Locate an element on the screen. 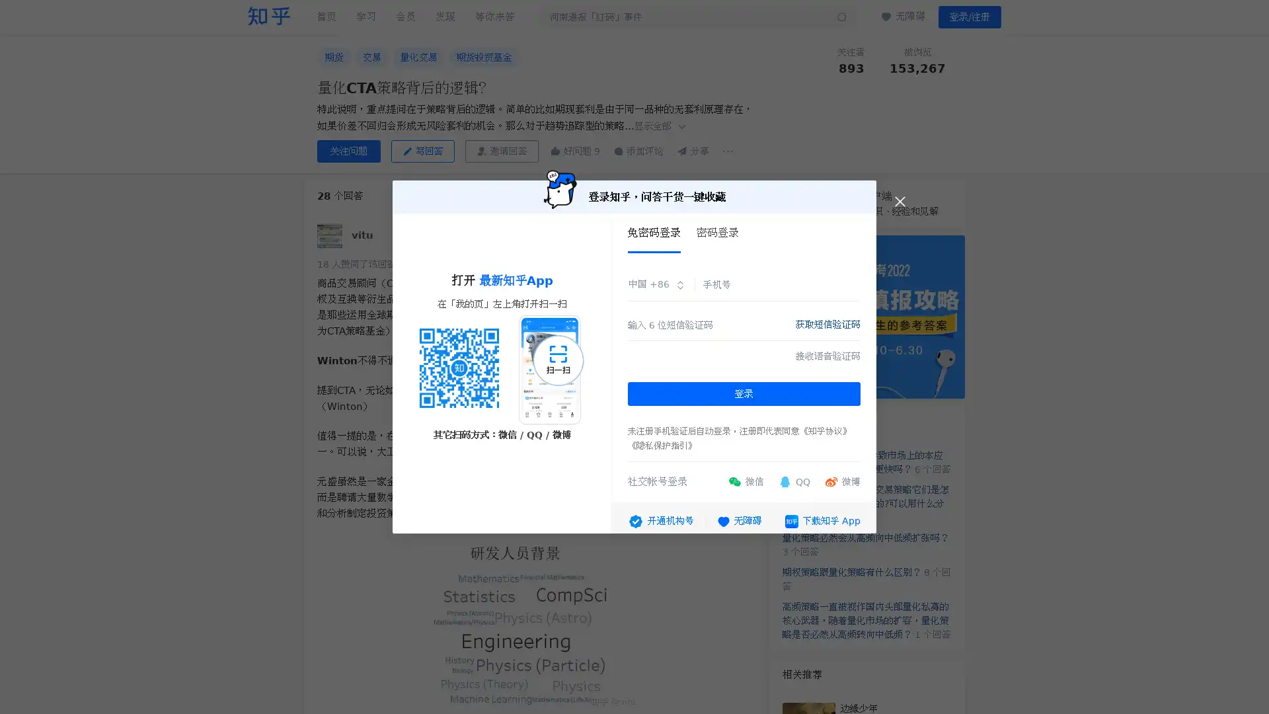  / is located at coordinates (970, 17).